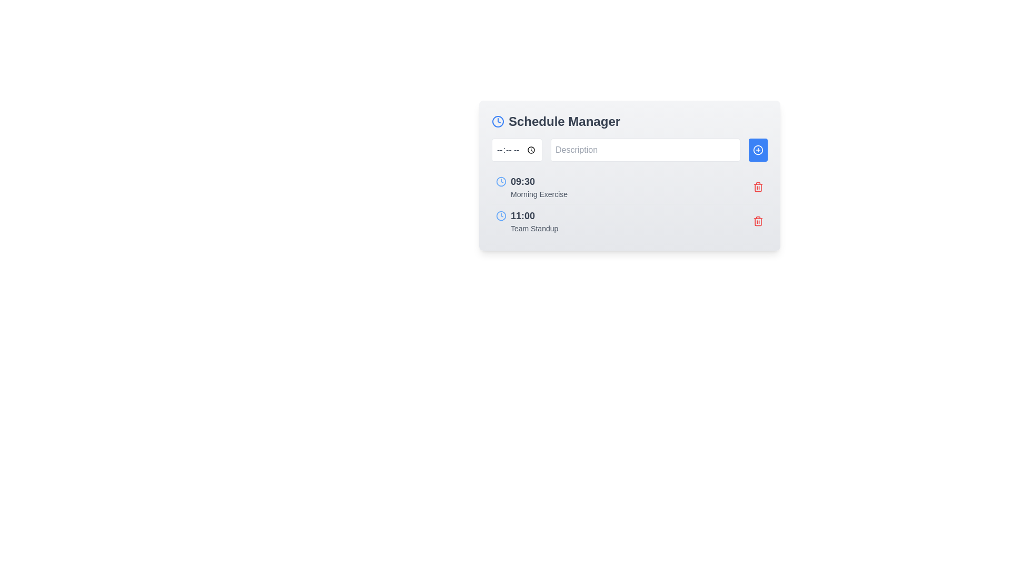 The width and height of the screenshot is (1011, 569). Describe the element at coordinates (497, 121) in the screenshot. I see `the clock icon with a blue circular border located to the left of the 'Schedule Manager' text in the header area` at that location.